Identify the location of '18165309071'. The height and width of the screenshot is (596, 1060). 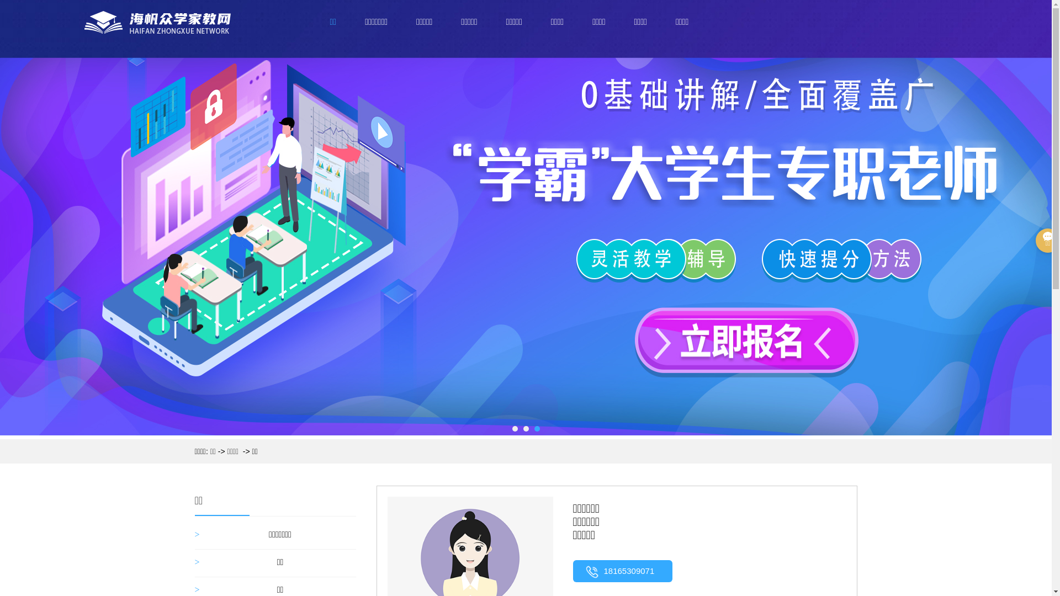
(623, 571).